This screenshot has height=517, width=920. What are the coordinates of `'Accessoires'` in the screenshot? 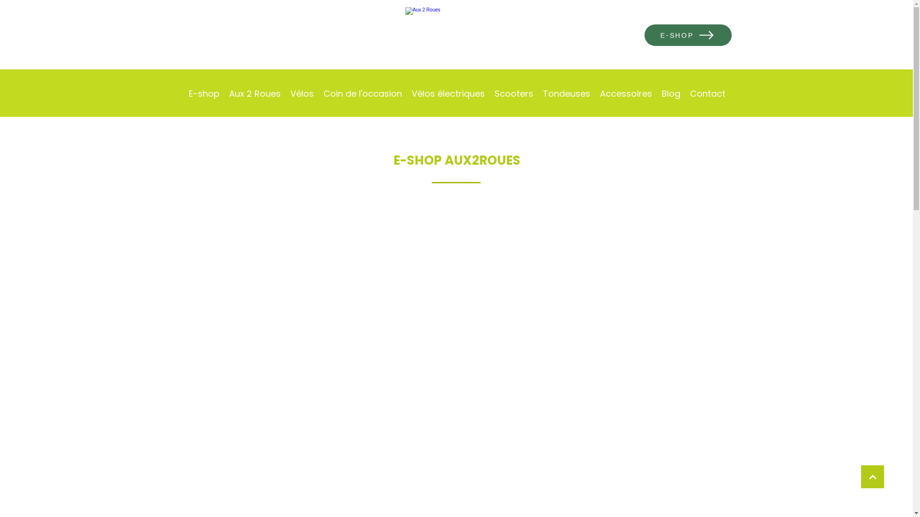 It's located at (626, 93).